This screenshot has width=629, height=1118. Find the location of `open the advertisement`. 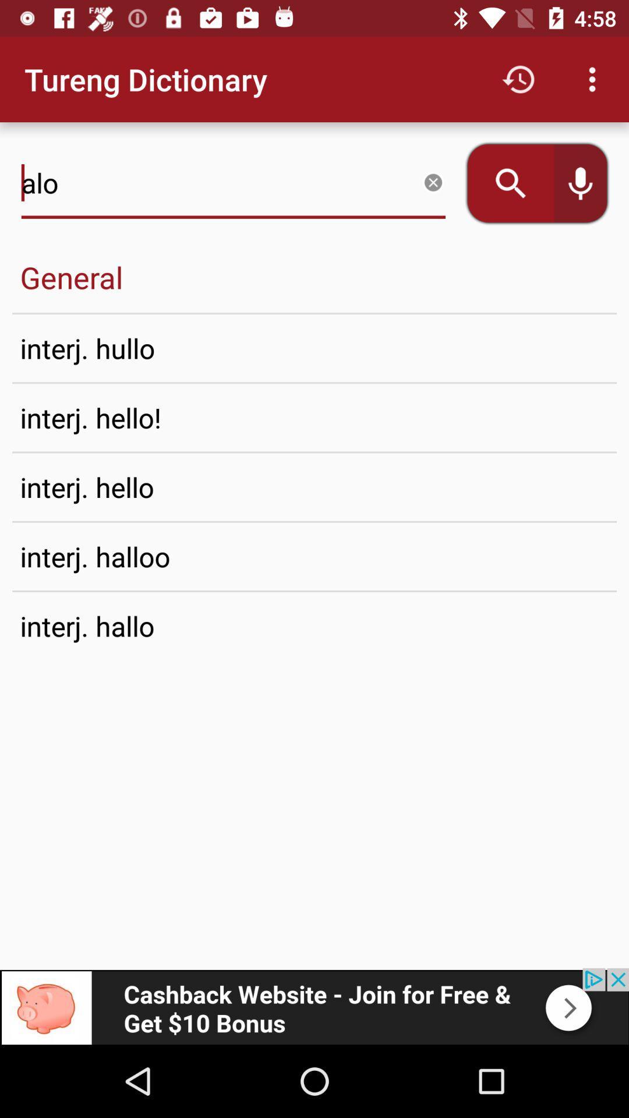

open the advertisement is located at coordinates (314, 1006).